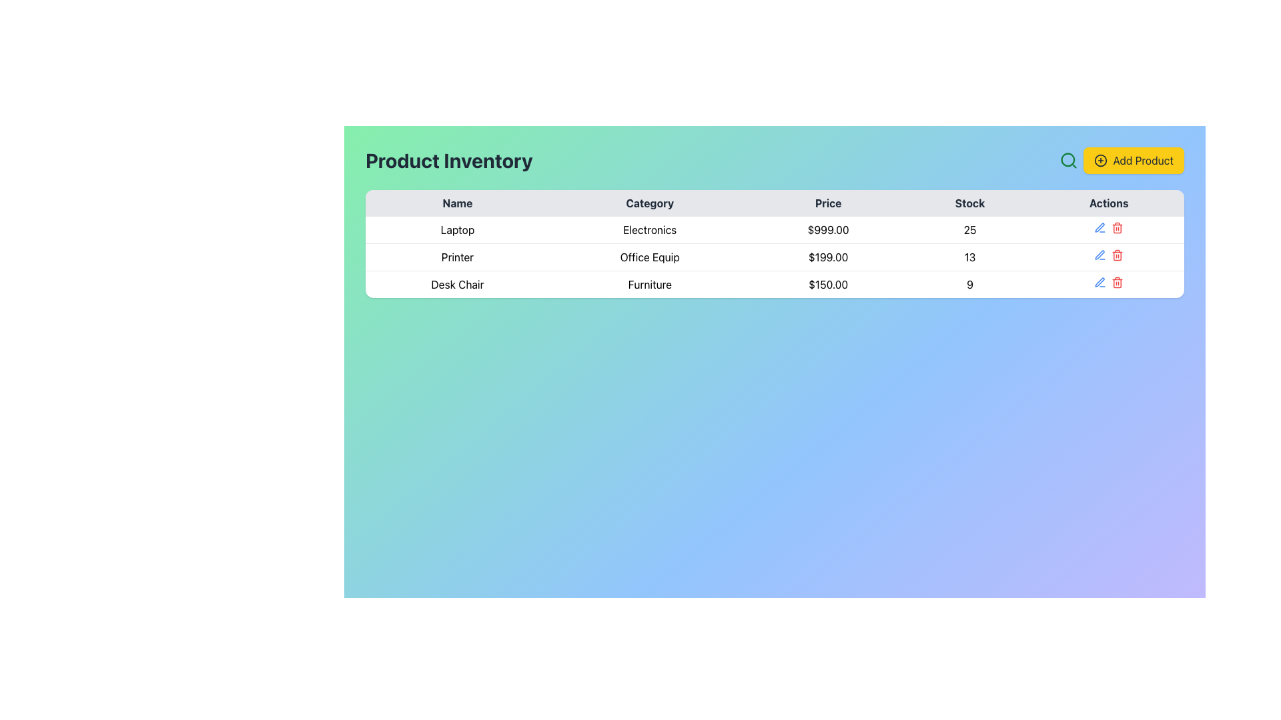 This screenshot has width=1281, height=720. What do you see at coordinates (827, 257) in the screenshot?
I see `the price tag displaying '$199.00' which is located in the 'Price' column of the second row in the table, right next to the 'Office Equip' cell` at bounding box center [827, 257].